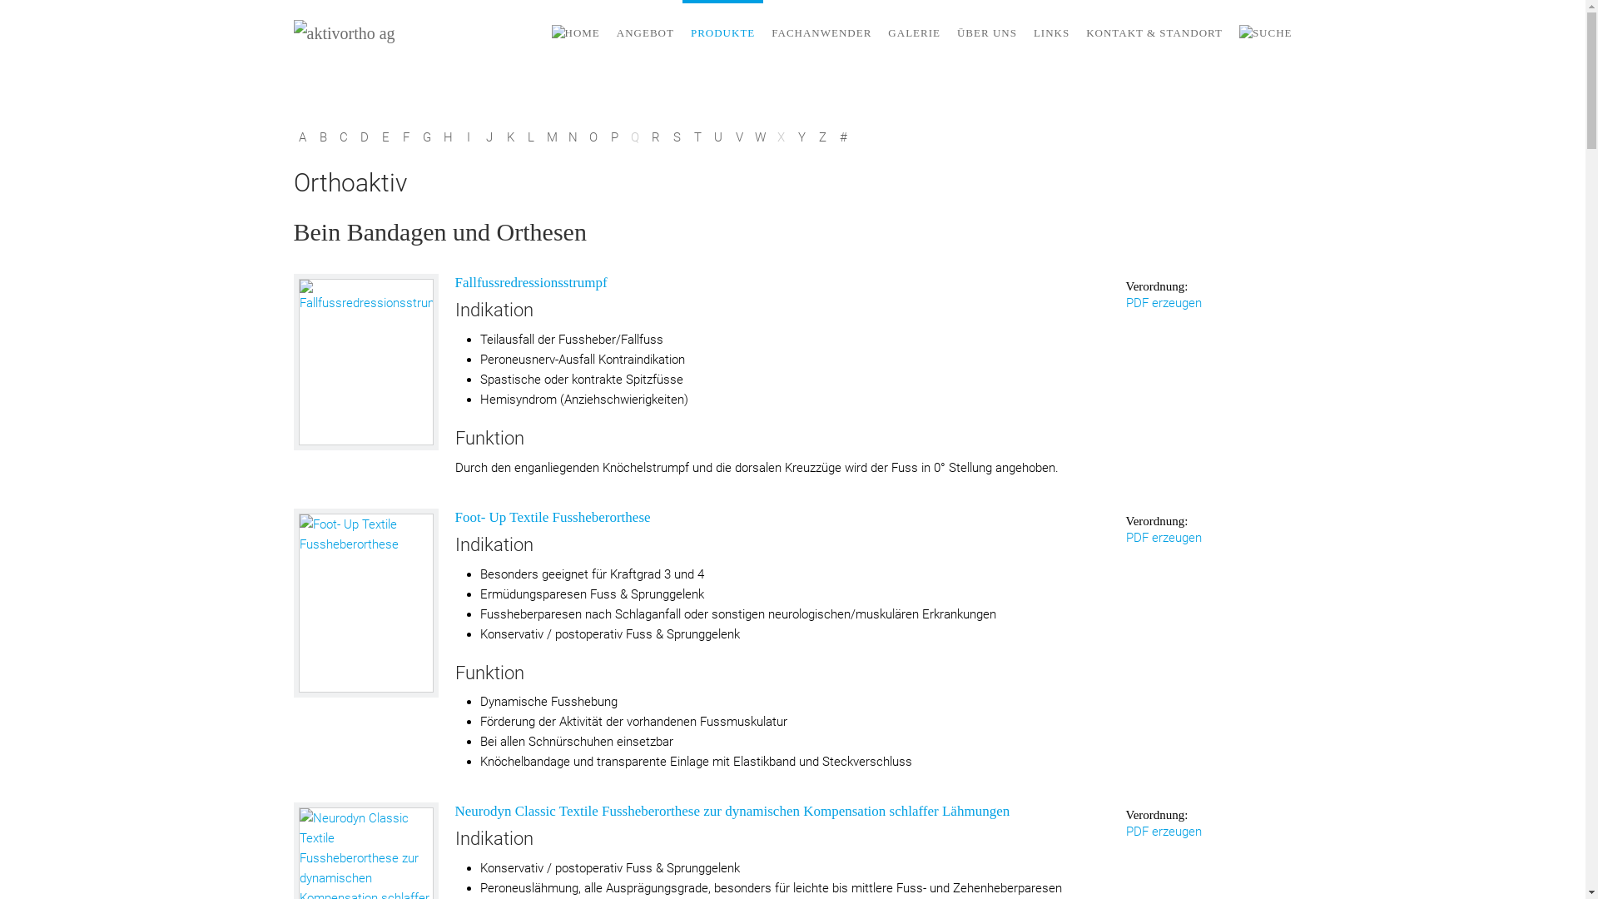 The width and height of the screenshot is (1598, 899). I want to click on 'PRODUKTE', so click(722, 32).